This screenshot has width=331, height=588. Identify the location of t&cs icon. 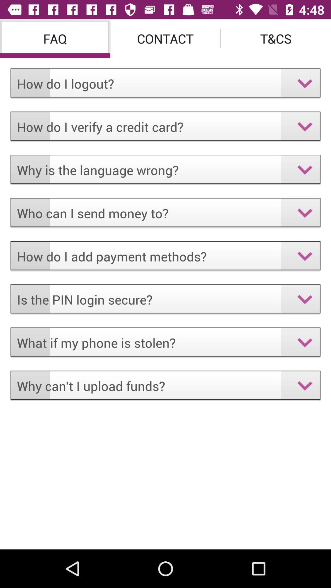
(275, 38).